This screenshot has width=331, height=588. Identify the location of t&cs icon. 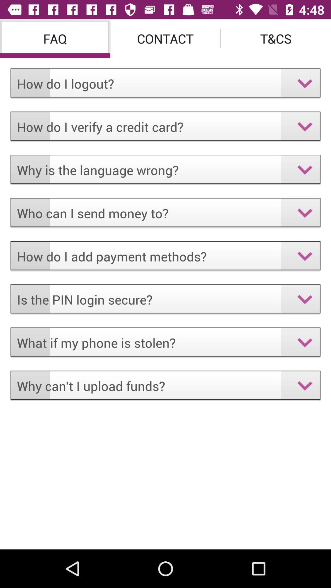
(275, 38).